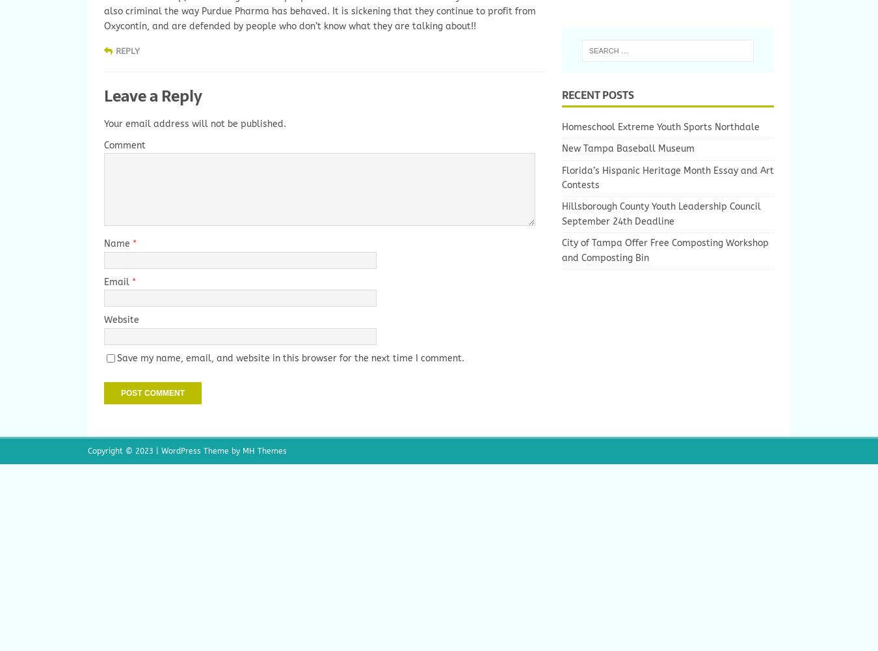  I want to click on 'Email', so click(103, 281).